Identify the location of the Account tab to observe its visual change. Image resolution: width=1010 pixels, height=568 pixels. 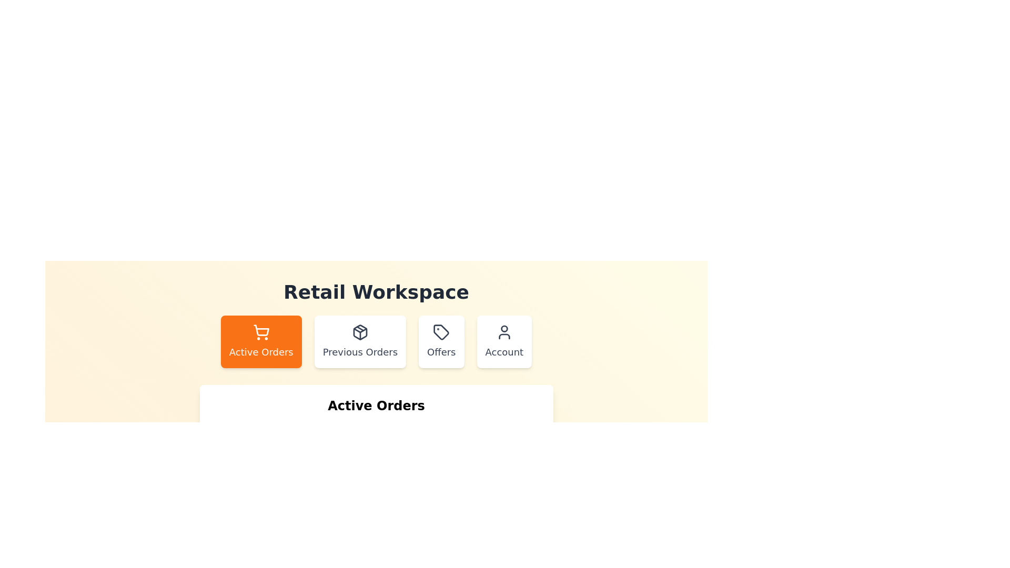
(503, 342).